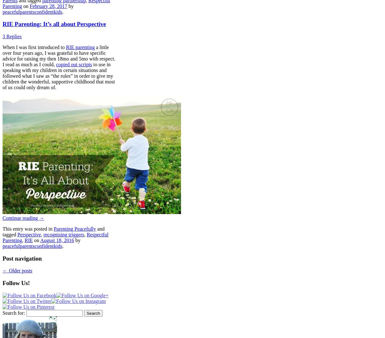 The width and height of the screenshot is (385, 338). I want to click on 'RIE Parenting: It’s all about Perspective', so click(54, 24).